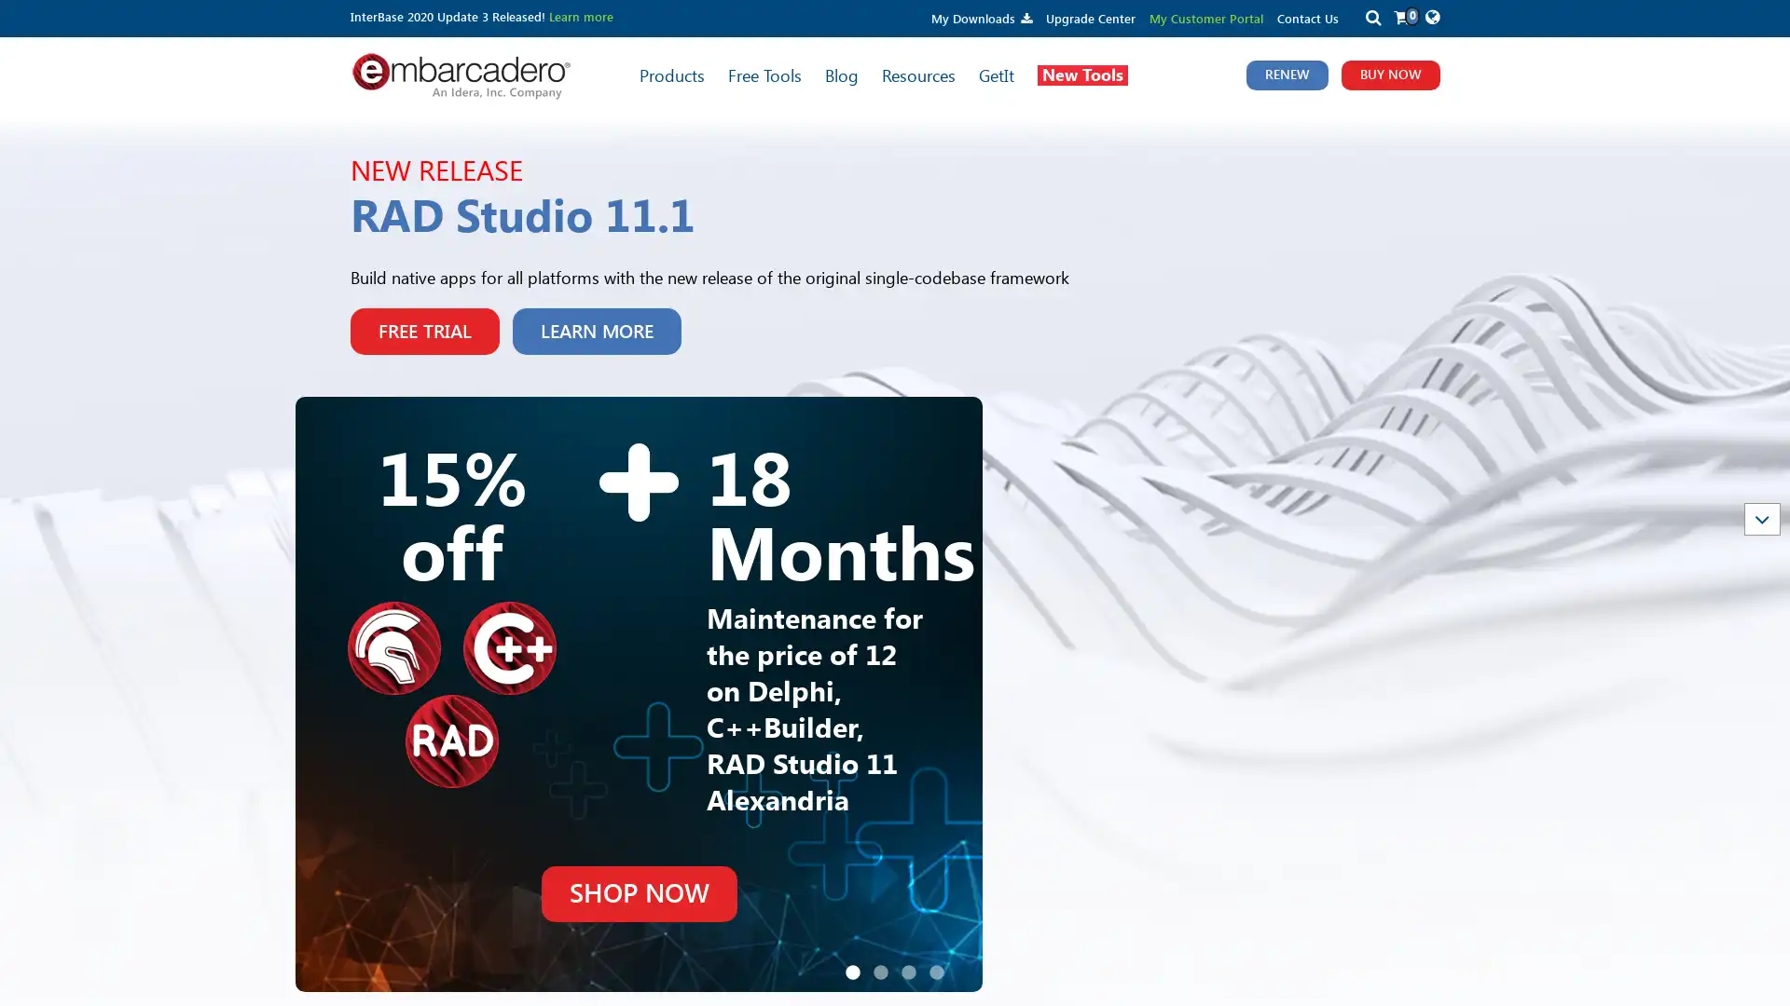  What do you see at coordinates (936, 791) in the screenshot?
I see `4` at bounding box center [936, 791].